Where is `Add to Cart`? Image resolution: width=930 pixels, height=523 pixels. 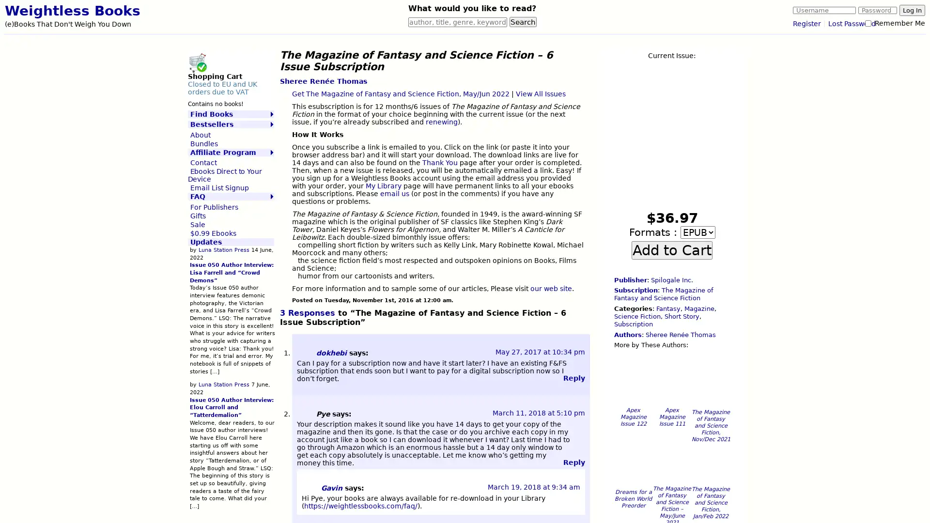 Add to Cart is located at coordinates (671, 249).